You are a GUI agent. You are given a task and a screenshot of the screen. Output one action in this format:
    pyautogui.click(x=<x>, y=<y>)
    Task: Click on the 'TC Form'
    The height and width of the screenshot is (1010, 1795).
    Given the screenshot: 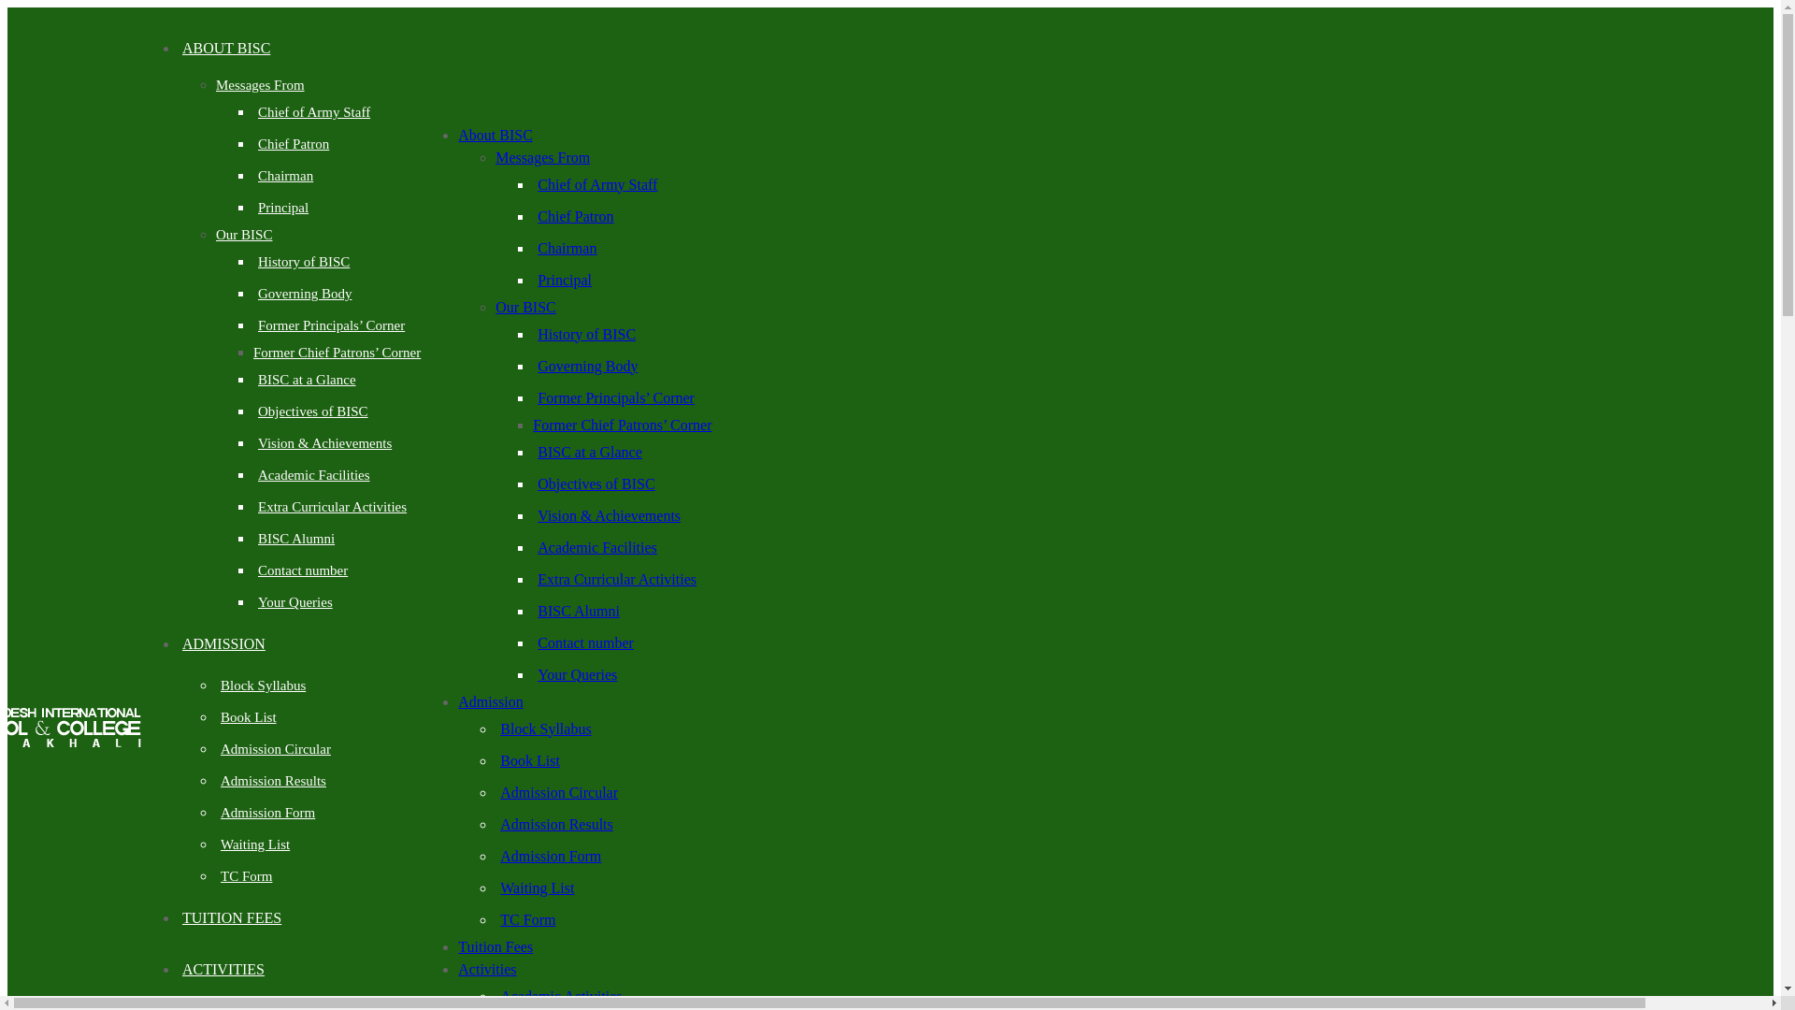 What is the action you would take?
    pyautogui.click(x=526, y=917)
    